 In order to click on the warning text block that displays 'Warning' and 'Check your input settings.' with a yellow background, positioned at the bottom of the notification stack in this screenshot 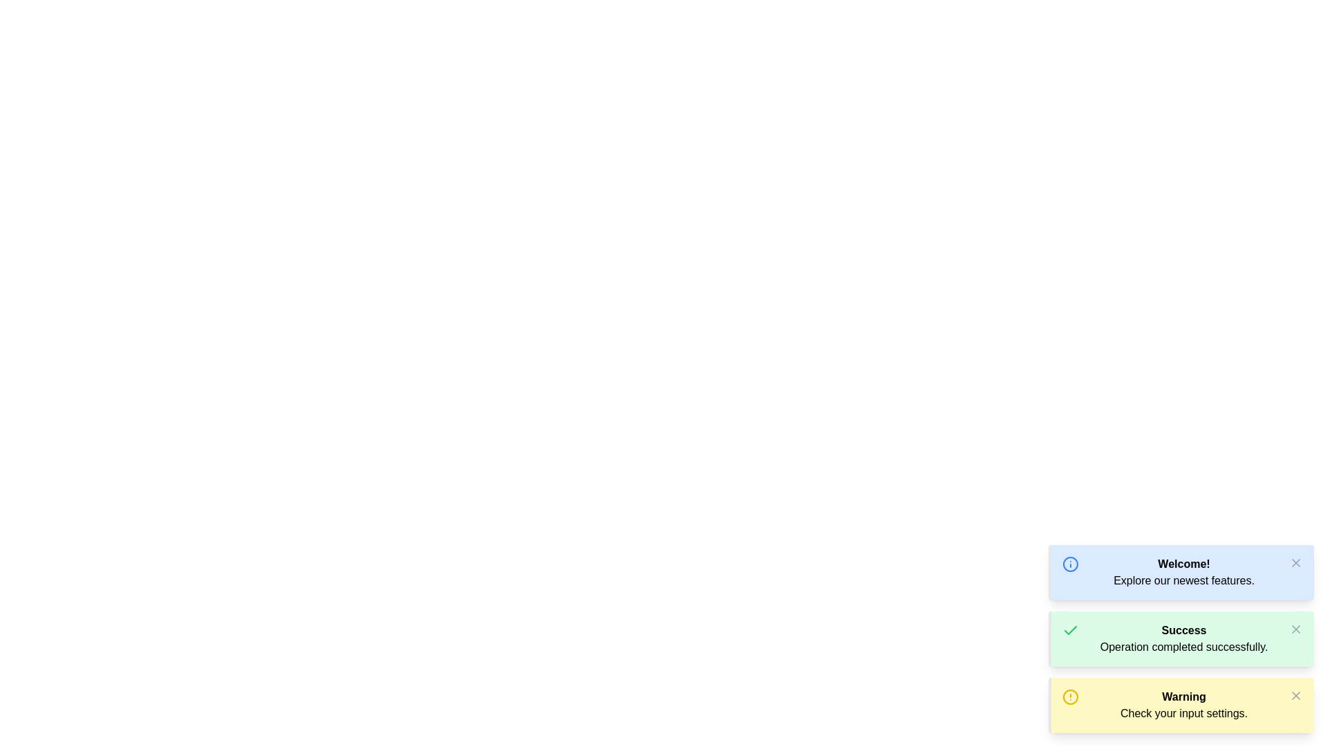, I will do `click(1183, 705)`.